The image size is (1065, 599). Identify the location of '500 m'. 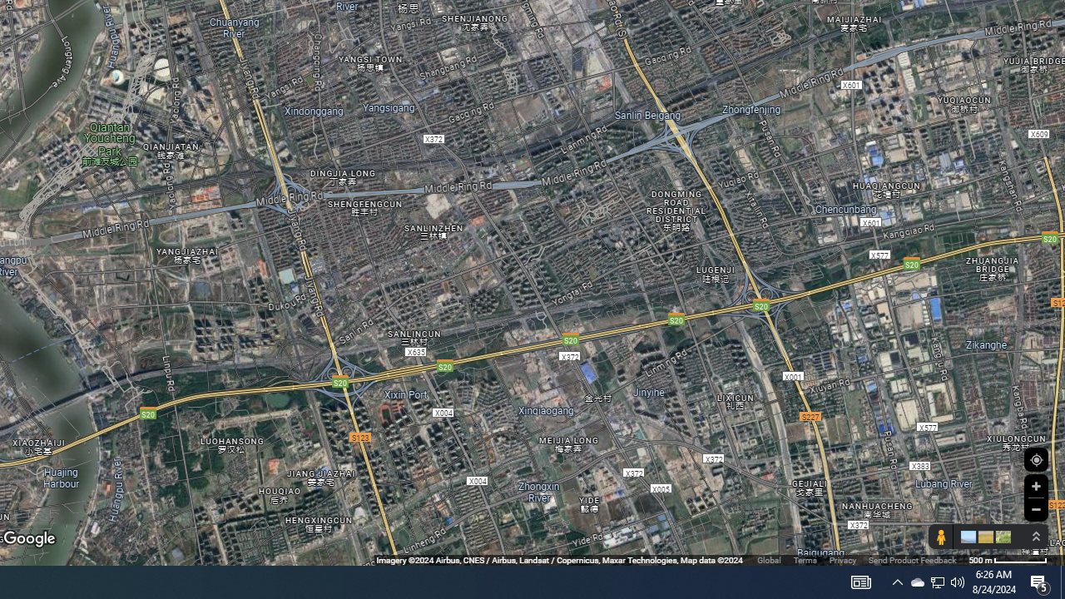
(1007, 560).